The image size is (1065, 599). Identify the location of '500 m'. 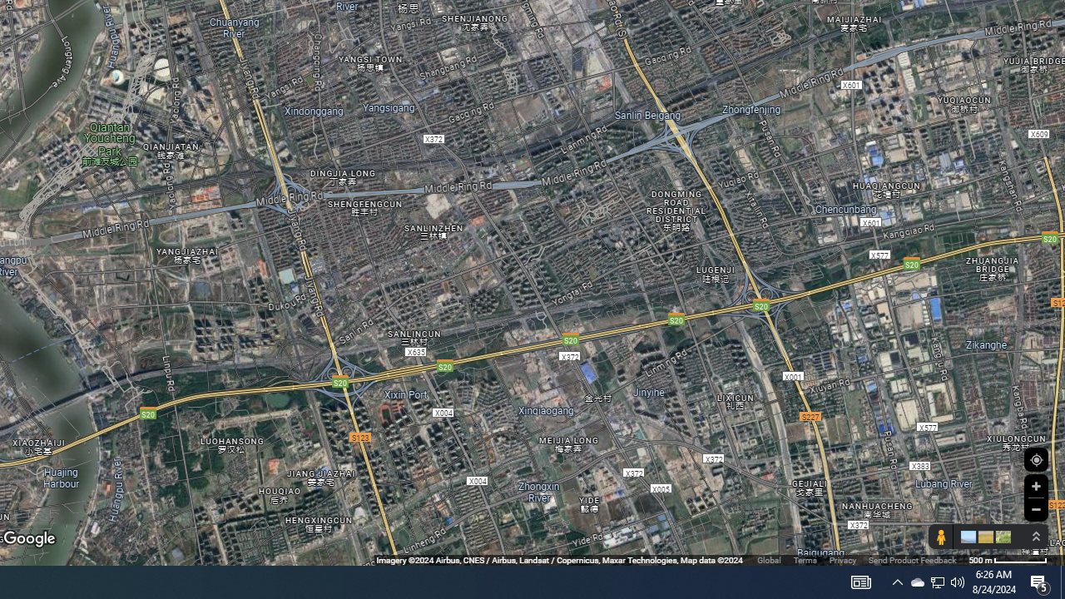
(1007, 560).